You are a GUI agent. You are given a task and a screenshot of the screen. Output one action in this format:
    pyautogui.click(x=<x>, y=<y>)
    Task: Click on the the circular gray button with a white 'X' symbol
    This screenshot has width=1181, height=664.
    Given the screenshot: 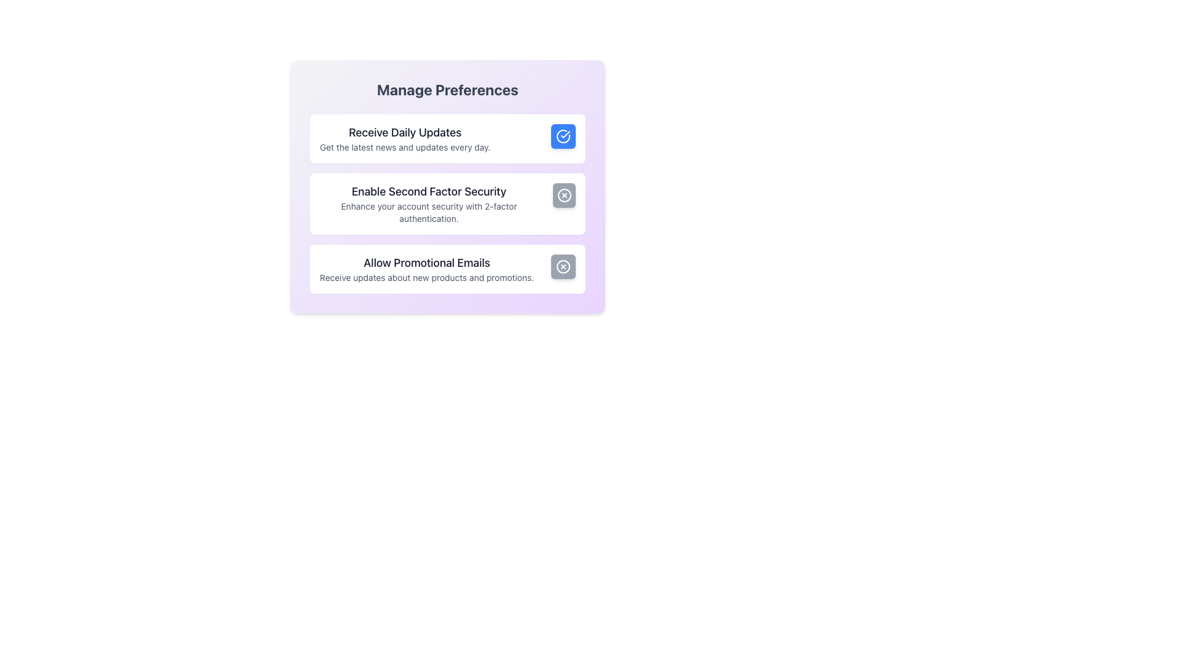 What is the action you would take?
    pyautogui.click(x=563, y=194)
    